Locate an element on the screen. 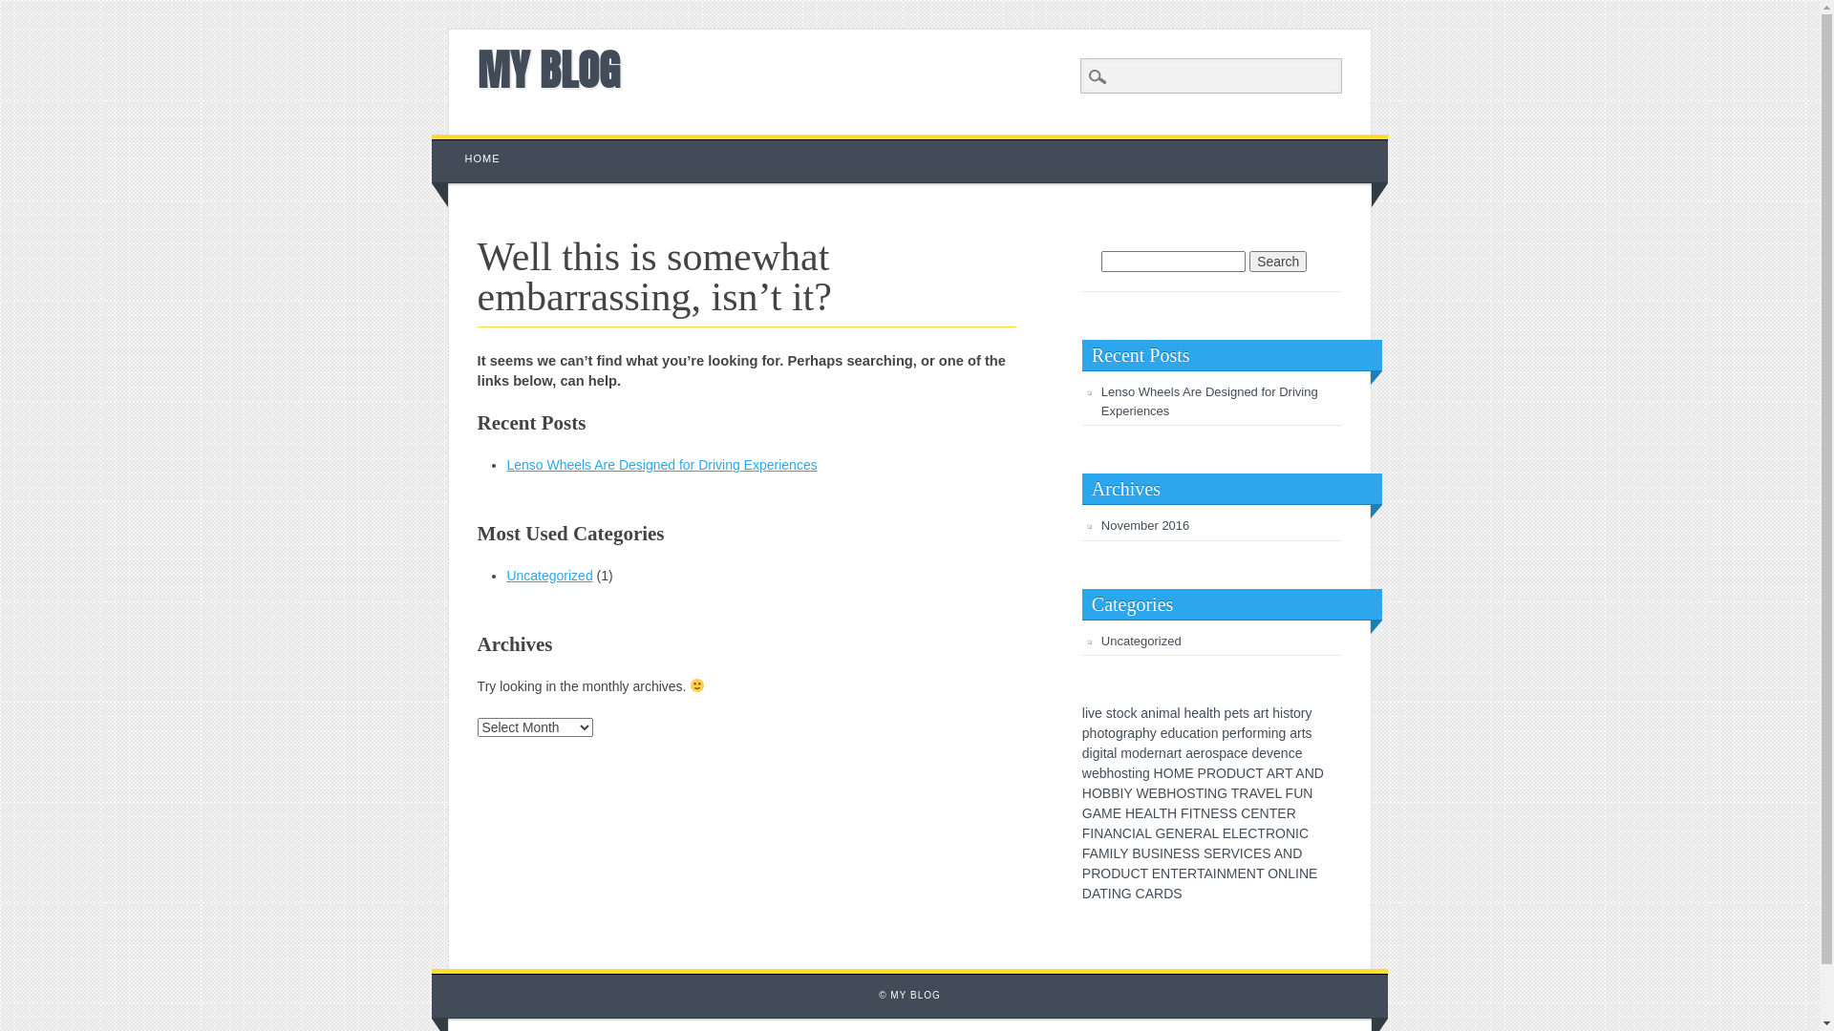 Image resolution: width=1834 pixels, height=1031 pixels. 'c' is located at coordinates (1291, 752).